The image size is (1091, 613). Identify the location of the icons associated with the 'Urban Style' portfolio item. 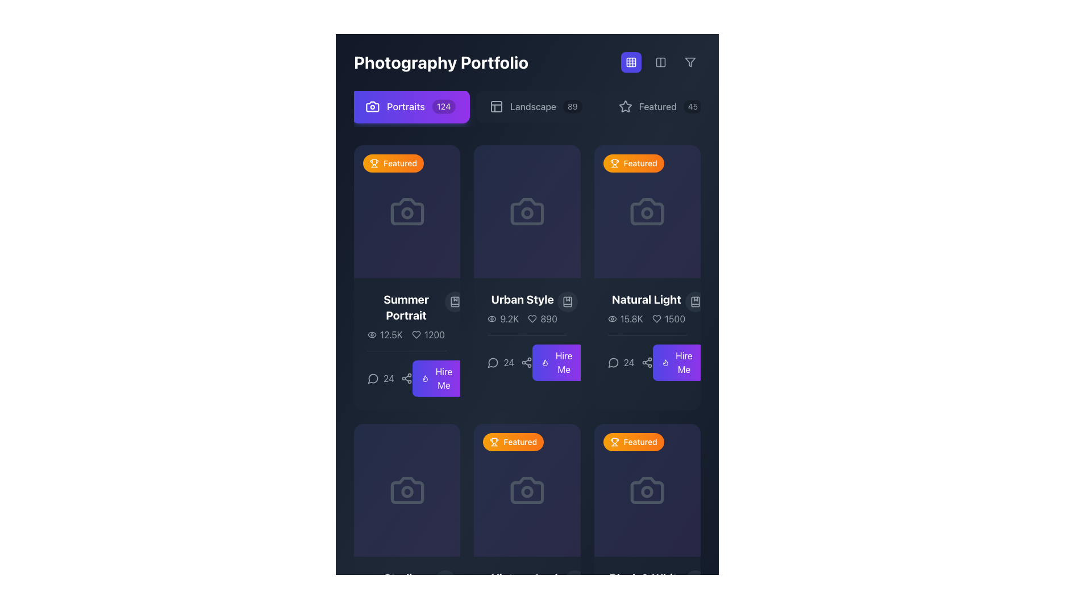
(526, 309).